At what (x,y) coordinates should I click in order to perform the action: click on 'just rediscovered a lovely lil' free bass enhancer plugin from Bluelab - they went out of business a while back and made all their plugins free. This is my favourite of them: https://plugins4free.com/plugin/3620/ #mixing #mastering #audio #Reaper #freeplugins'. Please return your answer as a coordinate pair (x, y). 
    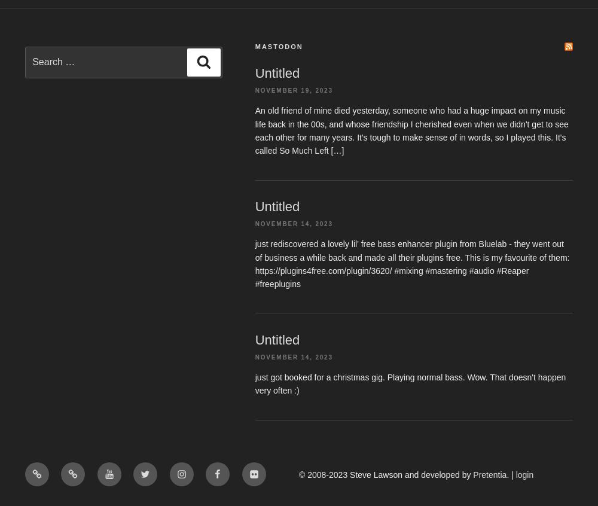
    Looking at the image, I should click on (411, 263).